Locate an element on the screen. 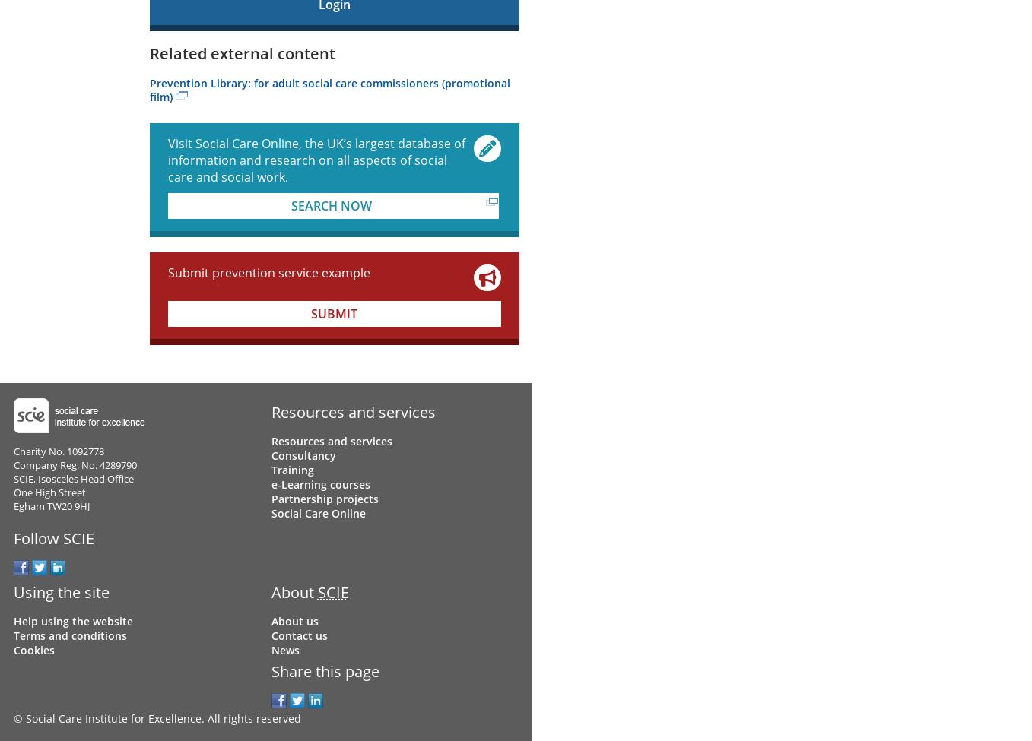 The height and width of the screenshot is (741, 1032). 'Using the site' is located at coordinates (11, 591).